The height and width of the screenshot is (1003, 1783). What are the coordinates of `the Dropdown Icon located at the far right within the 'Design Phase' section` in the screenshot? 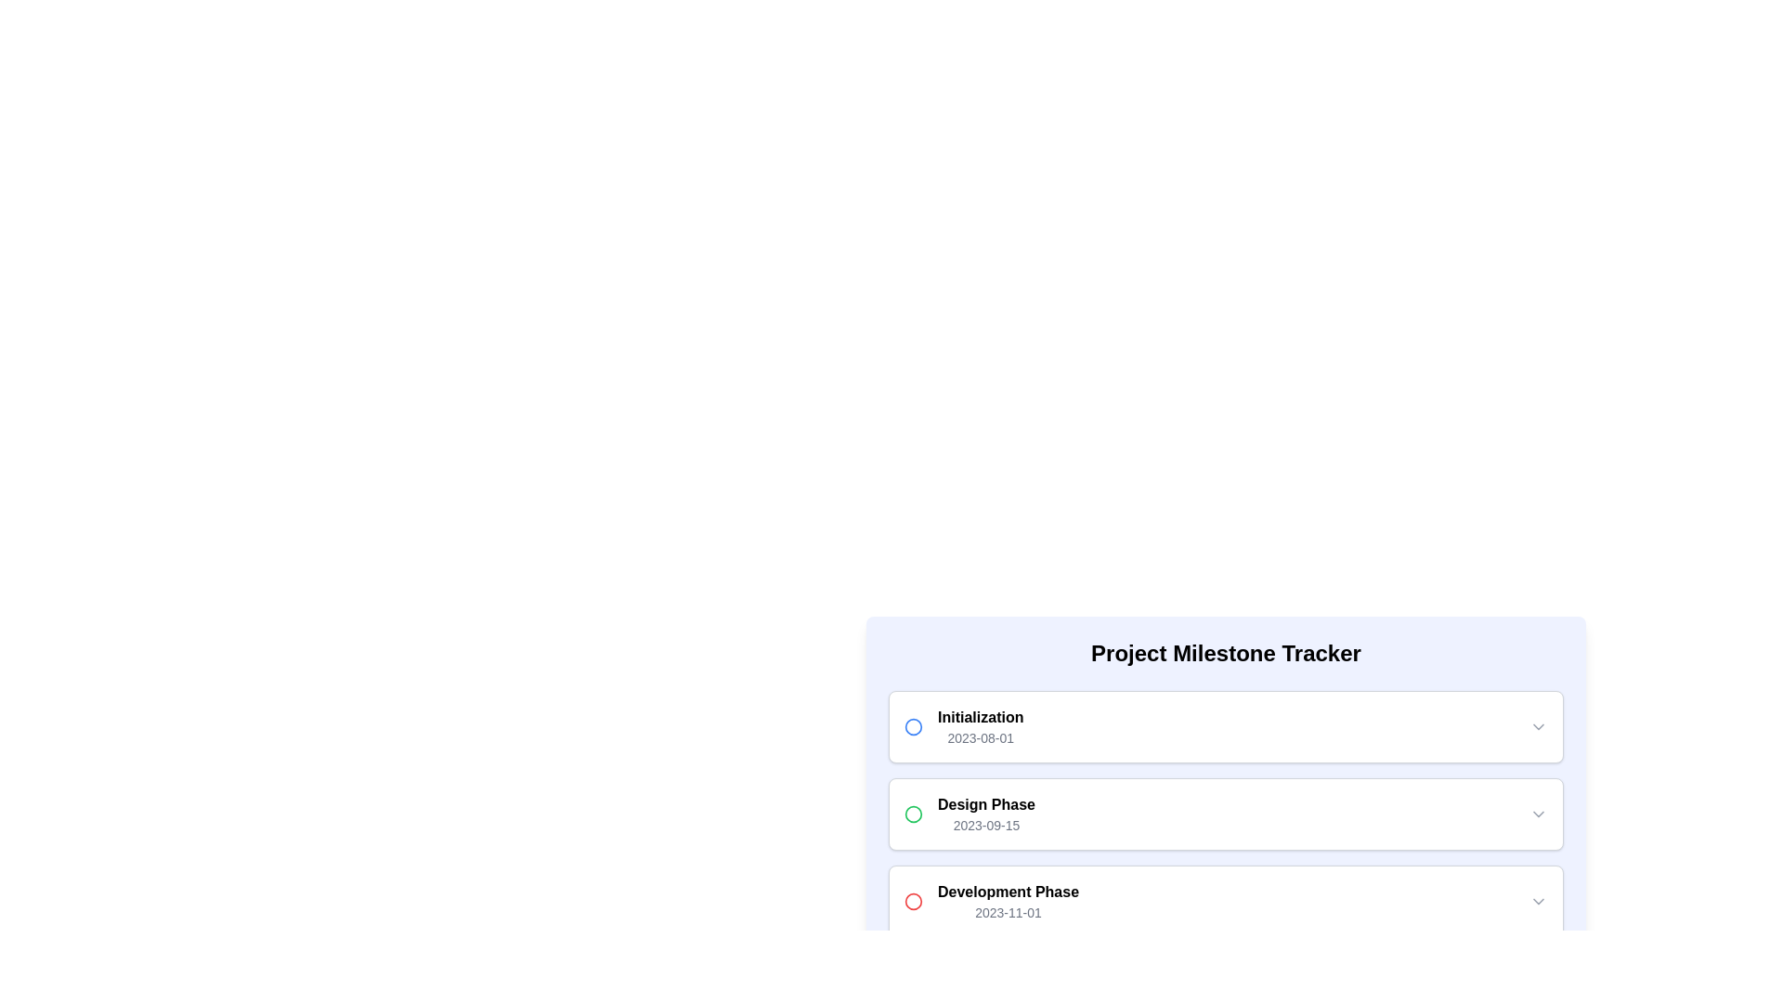 It's located at (1538, 813).